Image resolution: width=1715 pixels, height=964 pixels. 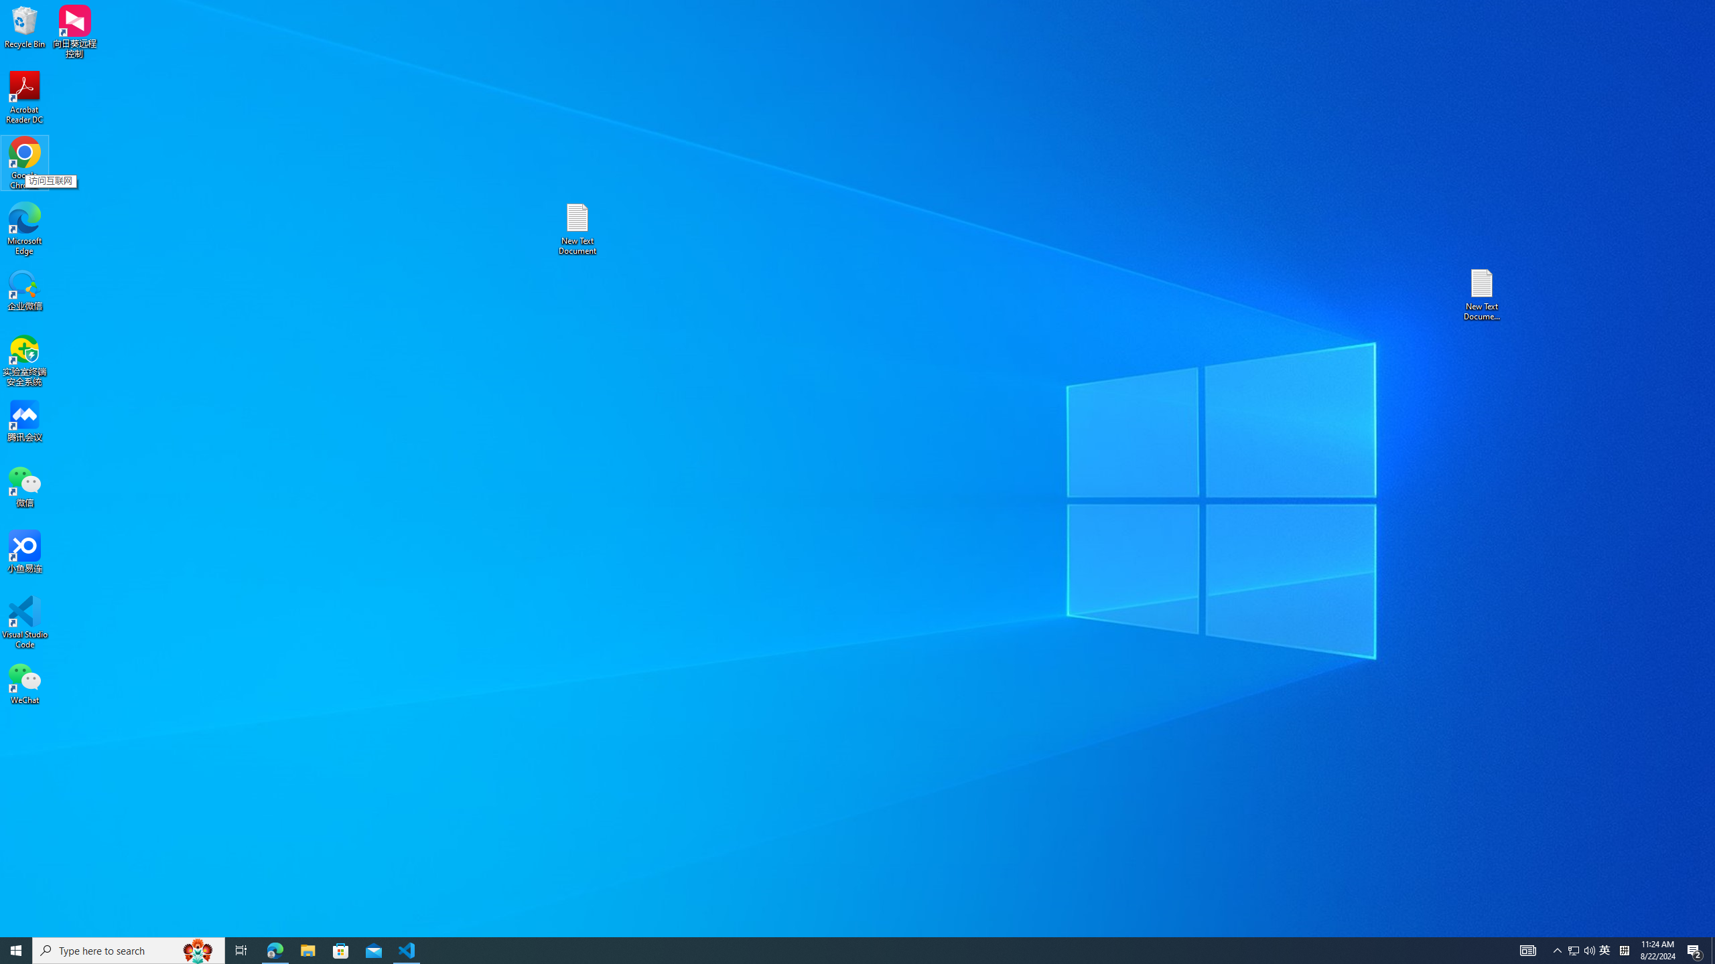 I want to click on 'User Promoted Notification Area', so click(x=1581, y=949).